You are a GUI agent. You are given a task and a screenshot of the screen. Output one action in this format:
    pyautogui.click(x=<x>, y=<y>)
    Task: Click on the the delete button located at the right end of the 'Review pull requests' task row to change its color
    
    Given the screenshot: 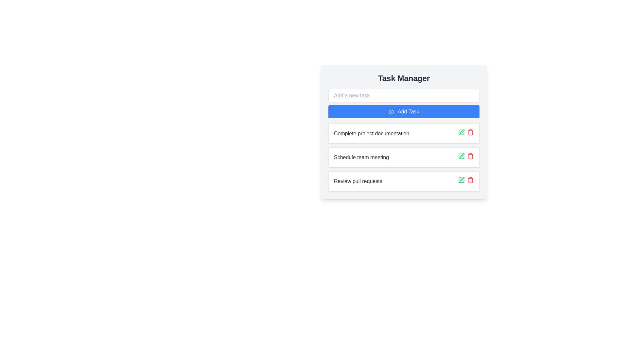 What is the action you would take?
    pyautogui.click(x=470, y=180)
    